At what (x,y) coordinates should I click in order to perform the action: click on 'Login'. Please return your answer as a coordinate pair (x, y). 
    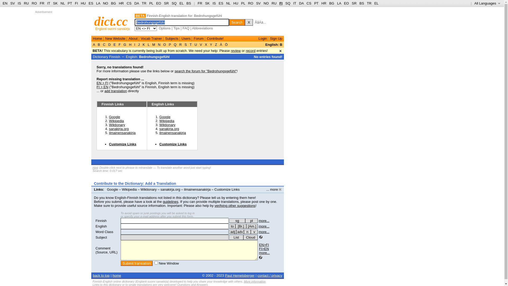
    Looking at the image, I should click on (258, 38).